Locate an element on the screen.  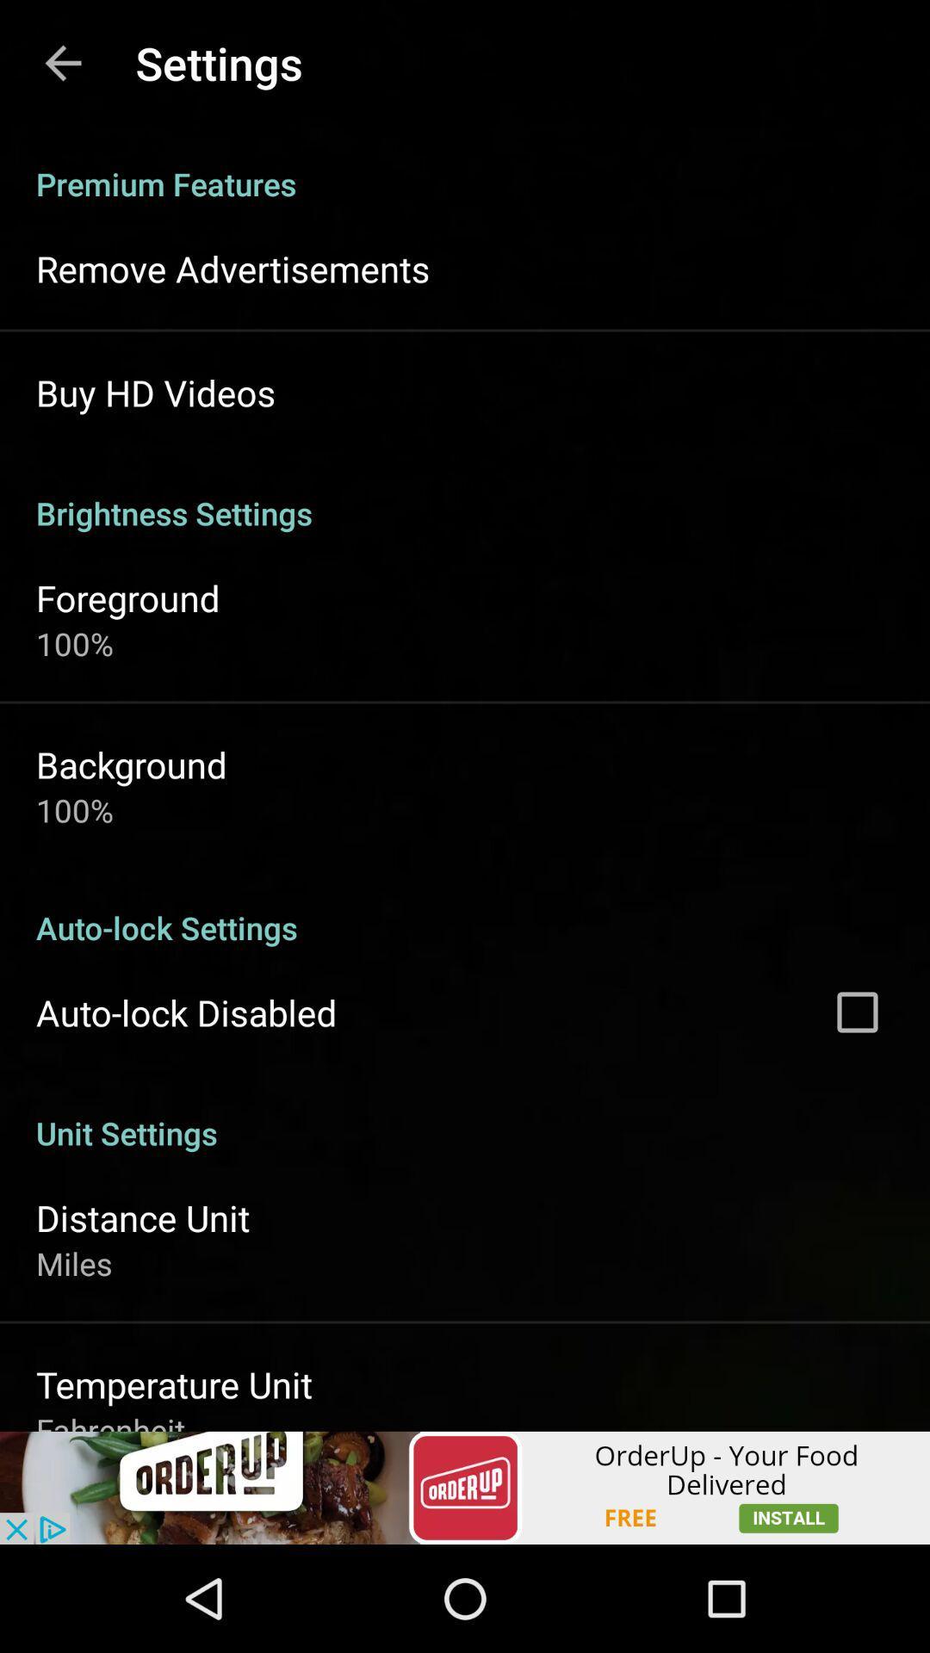
open advertisement is located at coordinates (465, 1487).